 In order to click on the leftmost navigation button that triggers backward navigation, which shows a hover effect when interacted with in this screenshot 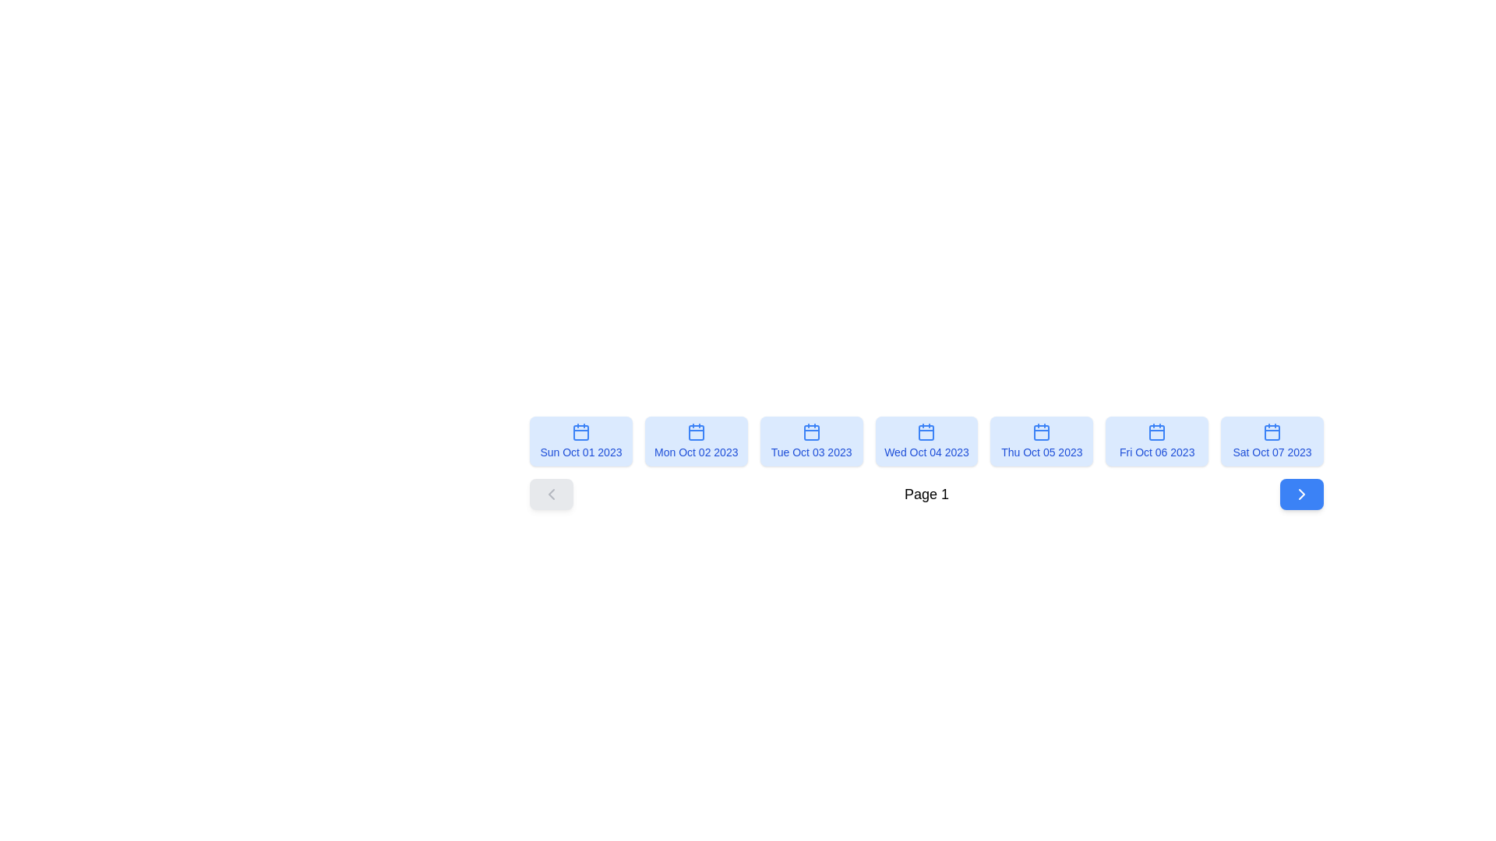, I will do `click(552, 494)`.